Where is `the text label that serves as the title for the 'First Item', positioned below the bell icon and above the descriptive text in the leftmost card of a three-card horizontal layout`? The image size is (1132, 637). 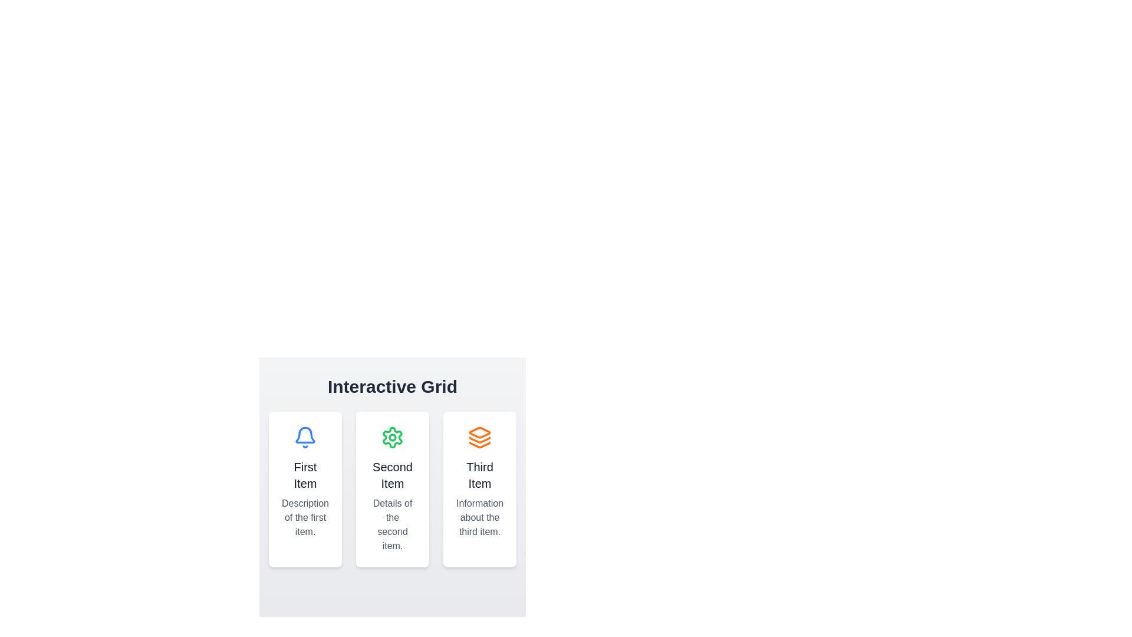
the text label that serves as the title for the 'First Item', positioned below the bell icon and above the descriptive text in the leftmost card of a three-card horizontal layout is located at coordinates (305, 475).